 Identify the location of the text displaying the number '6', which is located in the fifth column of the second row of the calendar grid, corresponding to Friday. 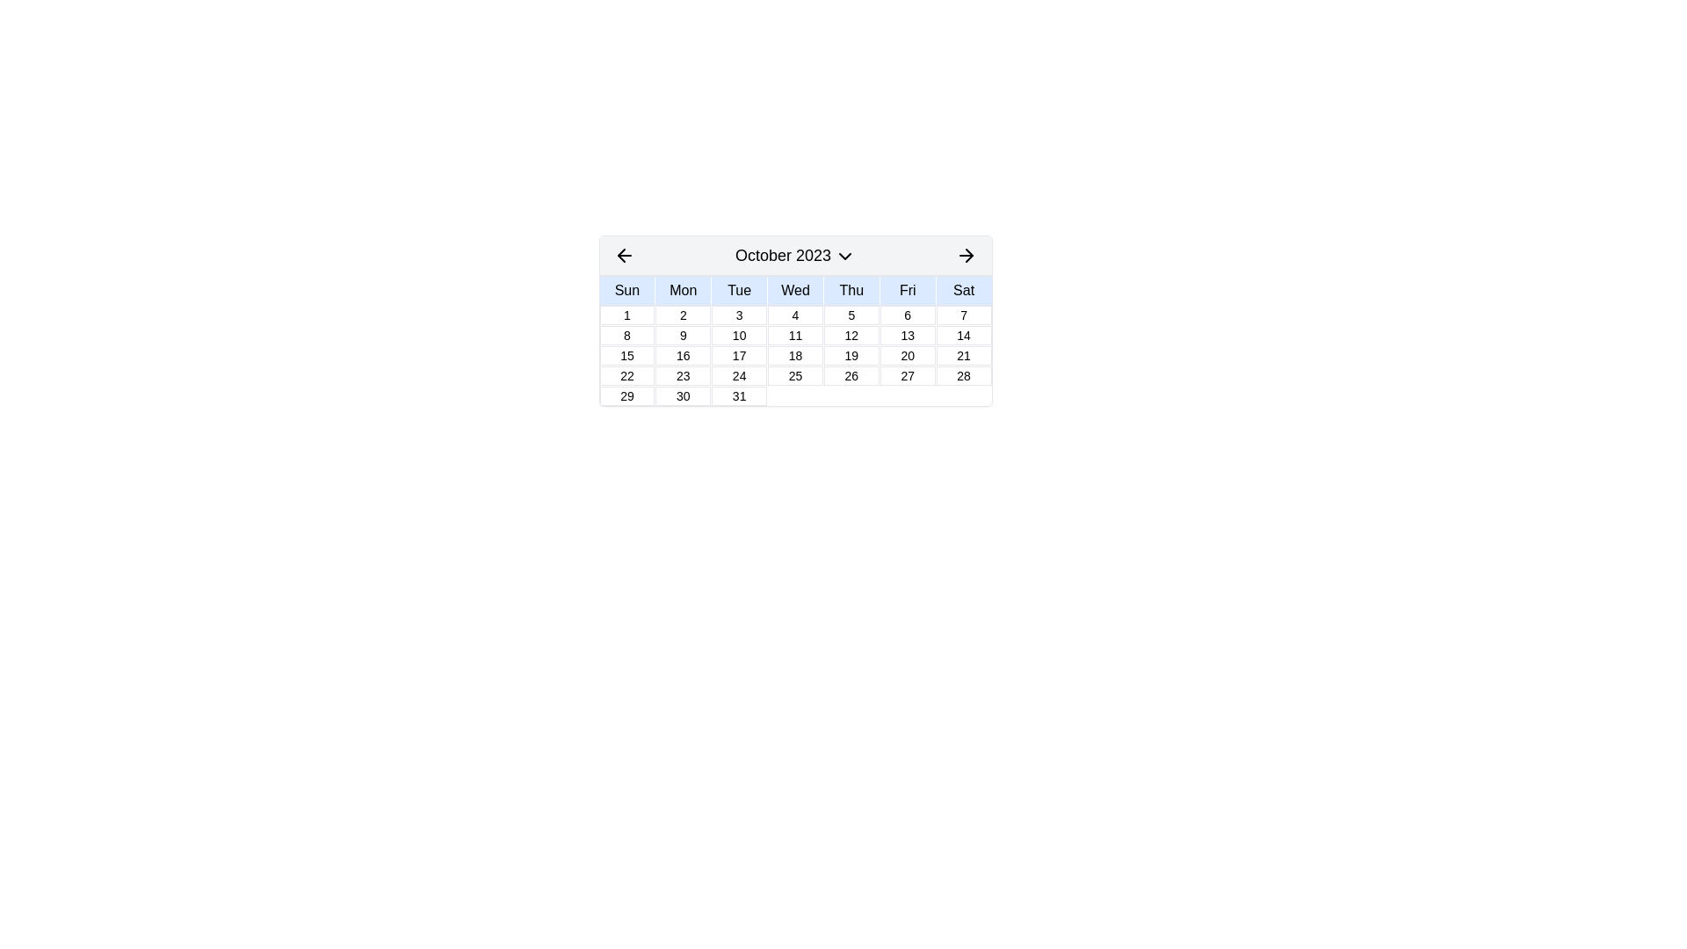
(908, 314).